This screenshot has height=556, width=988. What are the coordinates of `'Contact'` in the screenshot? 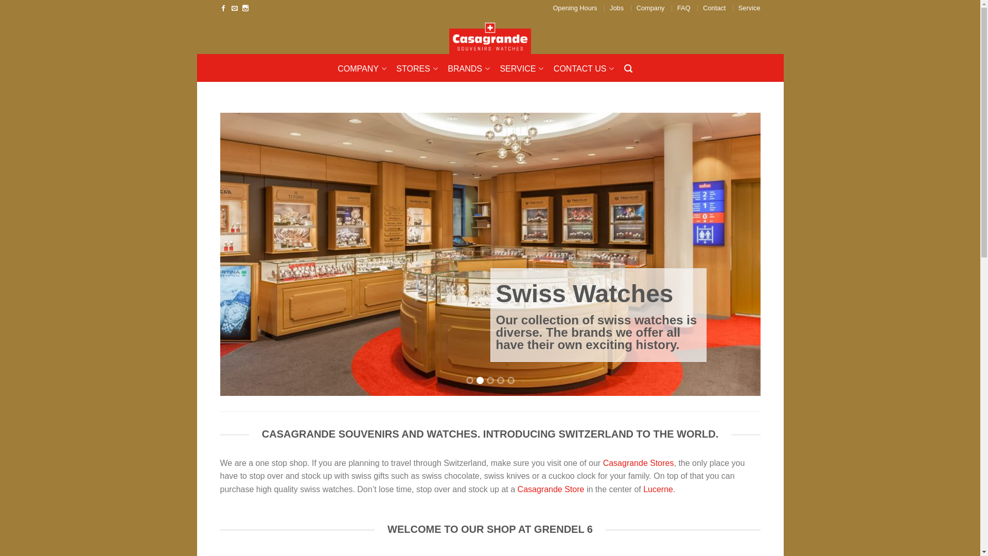 It's located at (713, 8).